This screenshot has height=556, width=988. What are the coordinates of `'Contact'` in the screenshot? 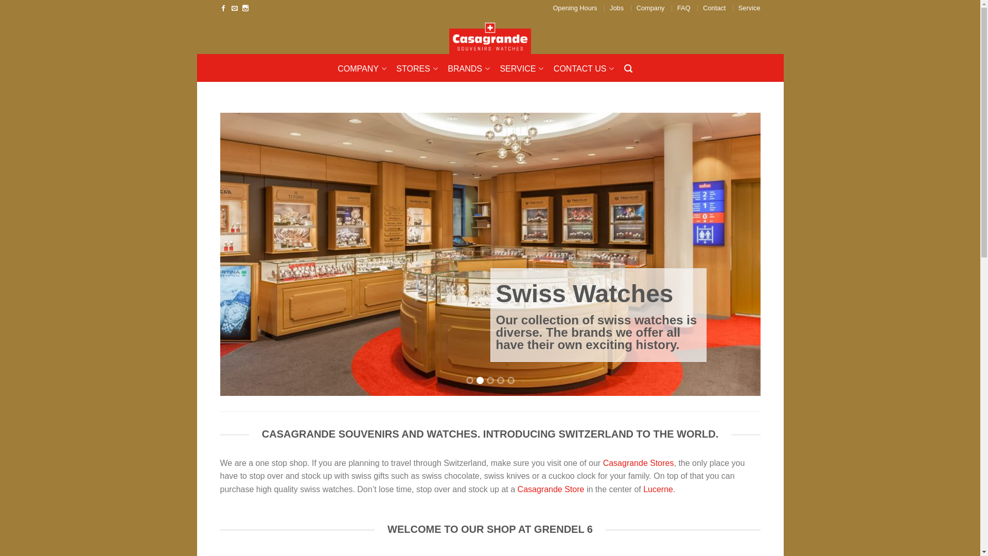 It's located at (713, 8).